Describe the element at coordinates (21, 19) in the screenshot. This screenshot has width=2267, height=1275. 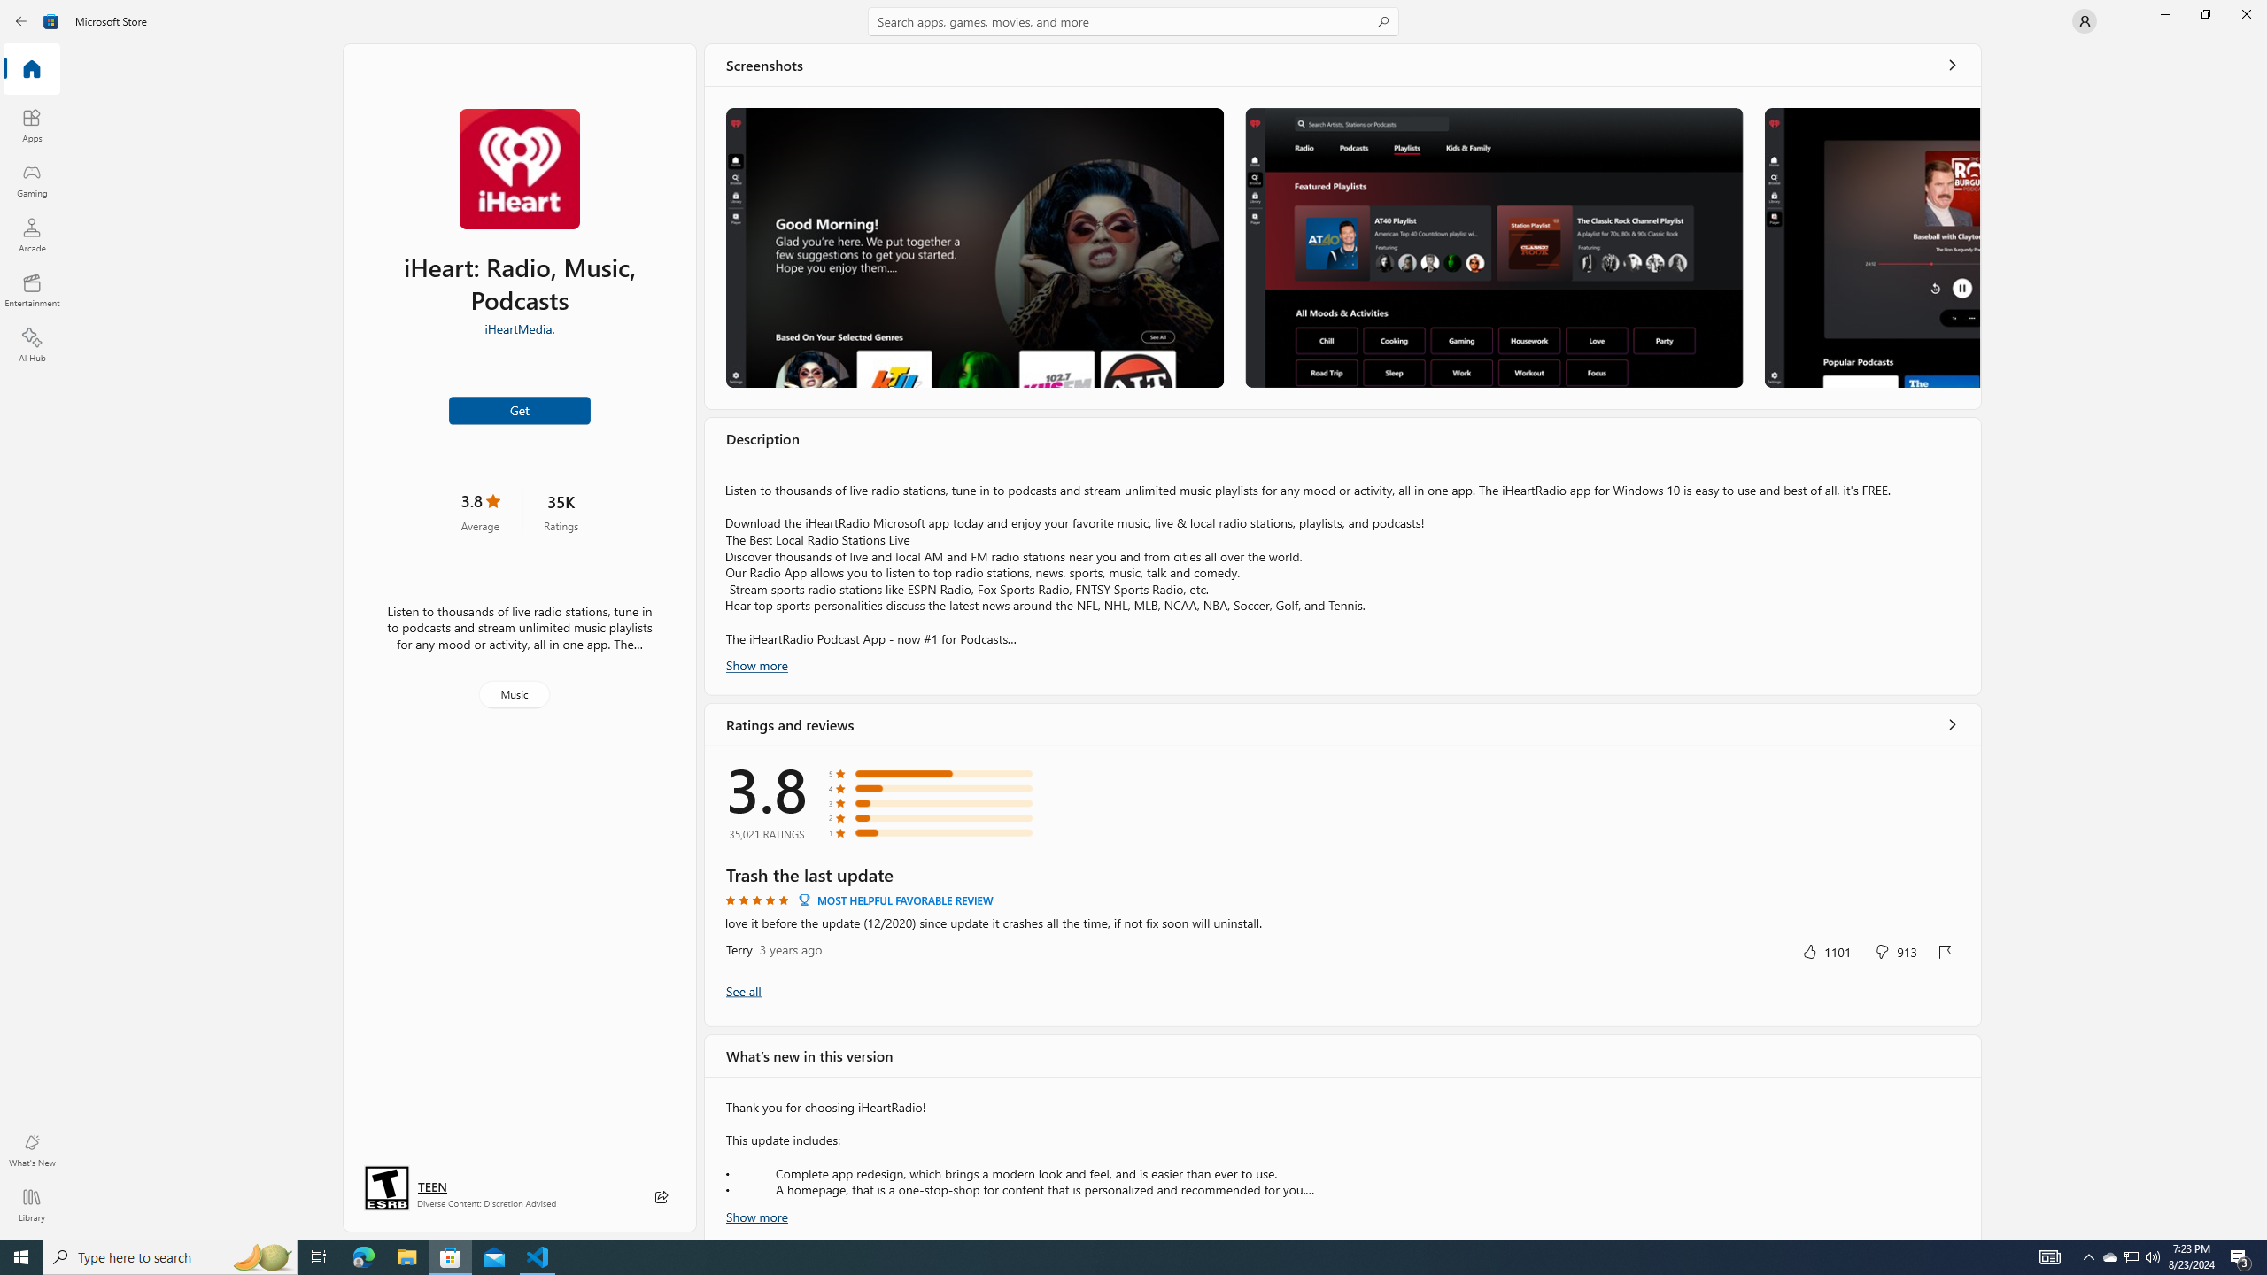
I see `'Back'` at that location.